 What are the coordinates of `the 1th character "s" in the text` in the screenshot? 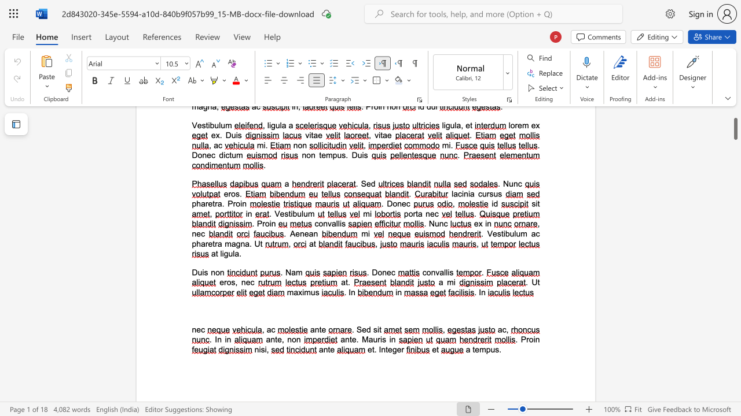 It's located at (375, 329).